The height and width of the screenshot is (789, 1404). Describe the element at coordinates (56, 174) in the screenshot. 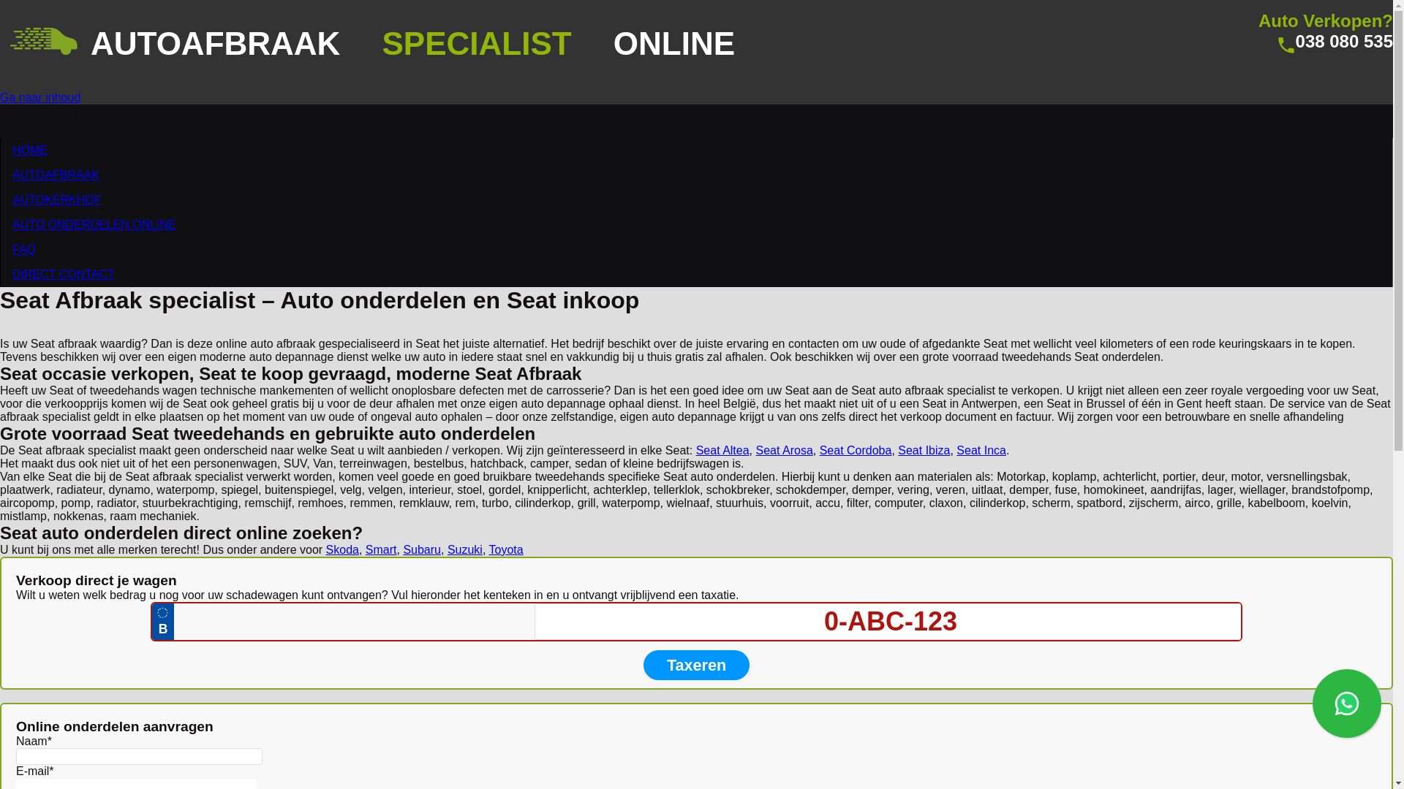

I see `'AUTOAFBRAAK'` at that location.